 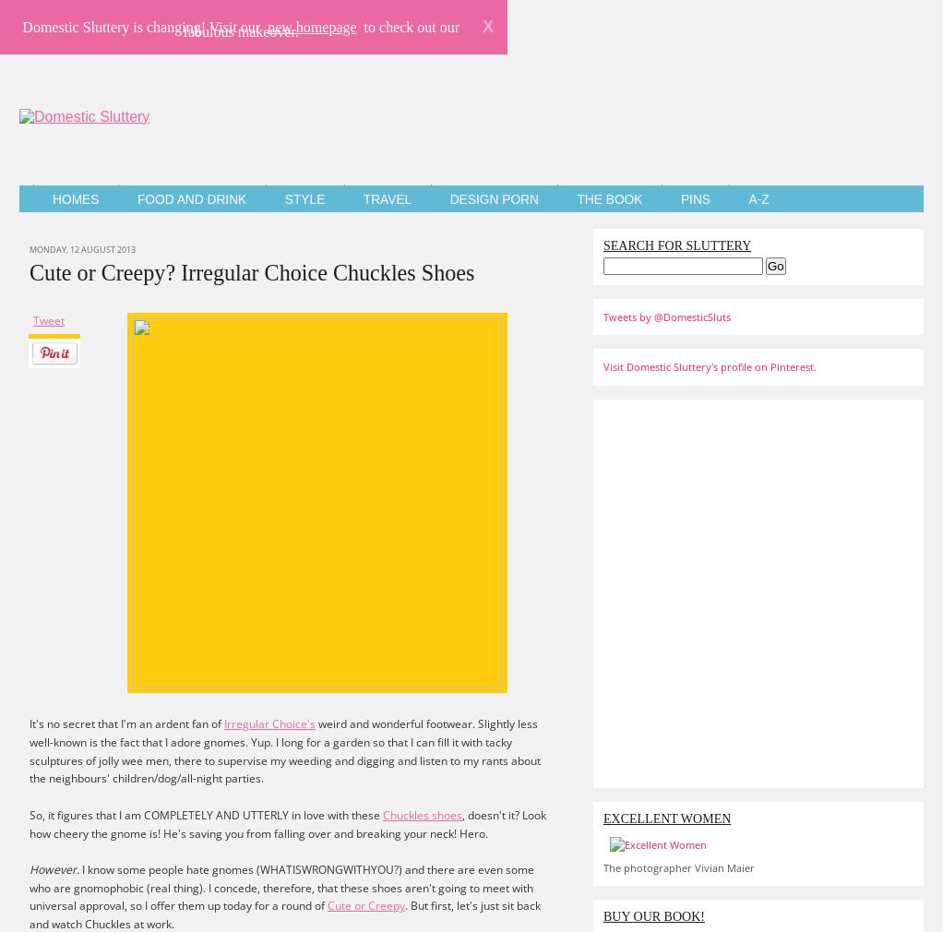 I want to click on 'I know some people hate gnomes (WHATISWRONGWITHYOU?) and there are even some who are gnomophobic (real thing). I concede, therefore, that these shoes aren't going to meet with universal approval, so I offer them up today for a round of', so click(x=281, y=887).